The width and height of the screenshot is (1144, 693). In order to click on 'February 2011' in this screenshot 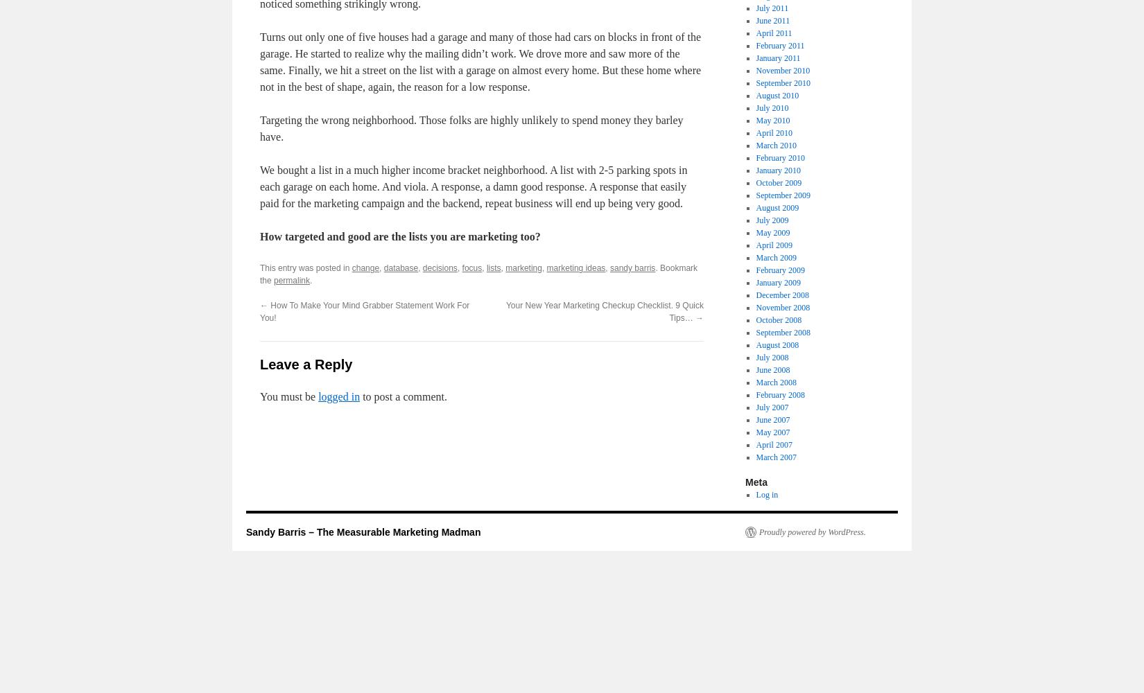, I will do `click(779, 45)`.